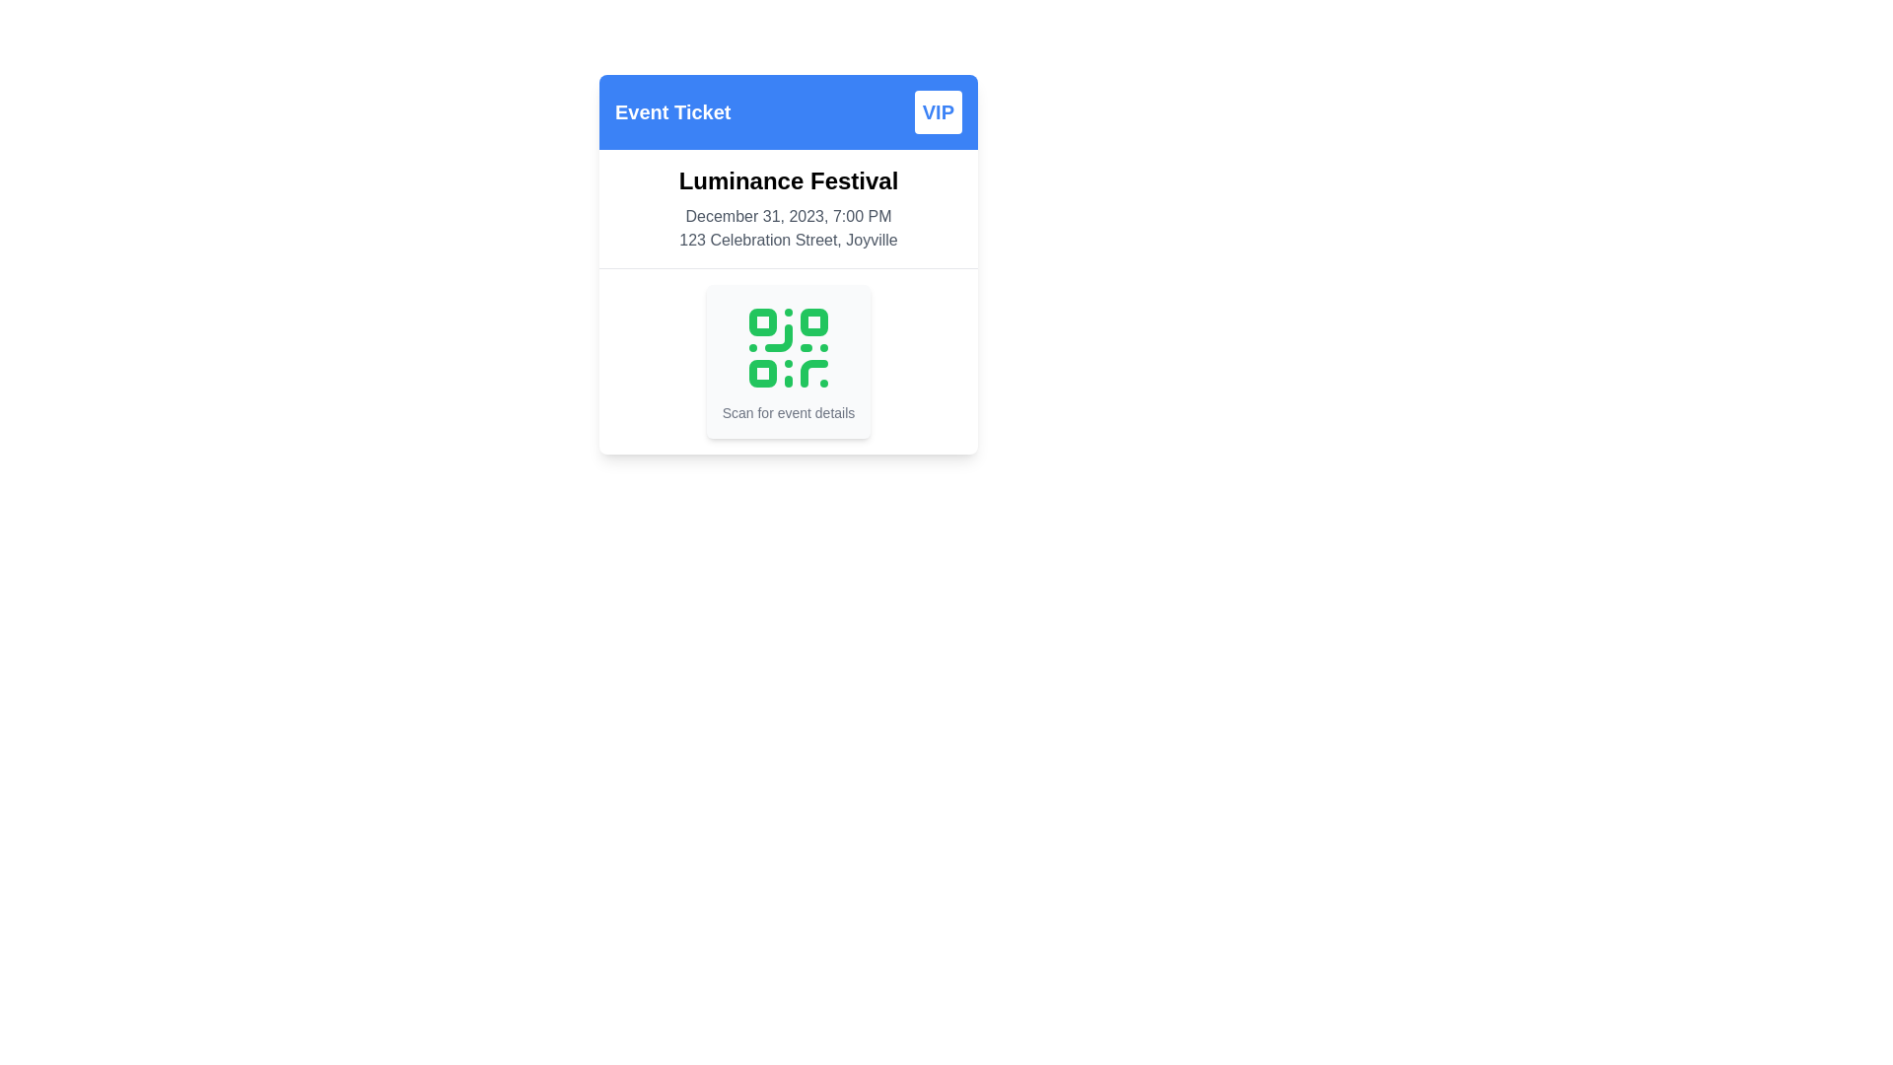  What do you see at coordinates (813, 321) in the screenshot?
I see `the green rectangular box with rounded corners located in the top-right corner of the QR code graphic` at bounding box center [813, 321].